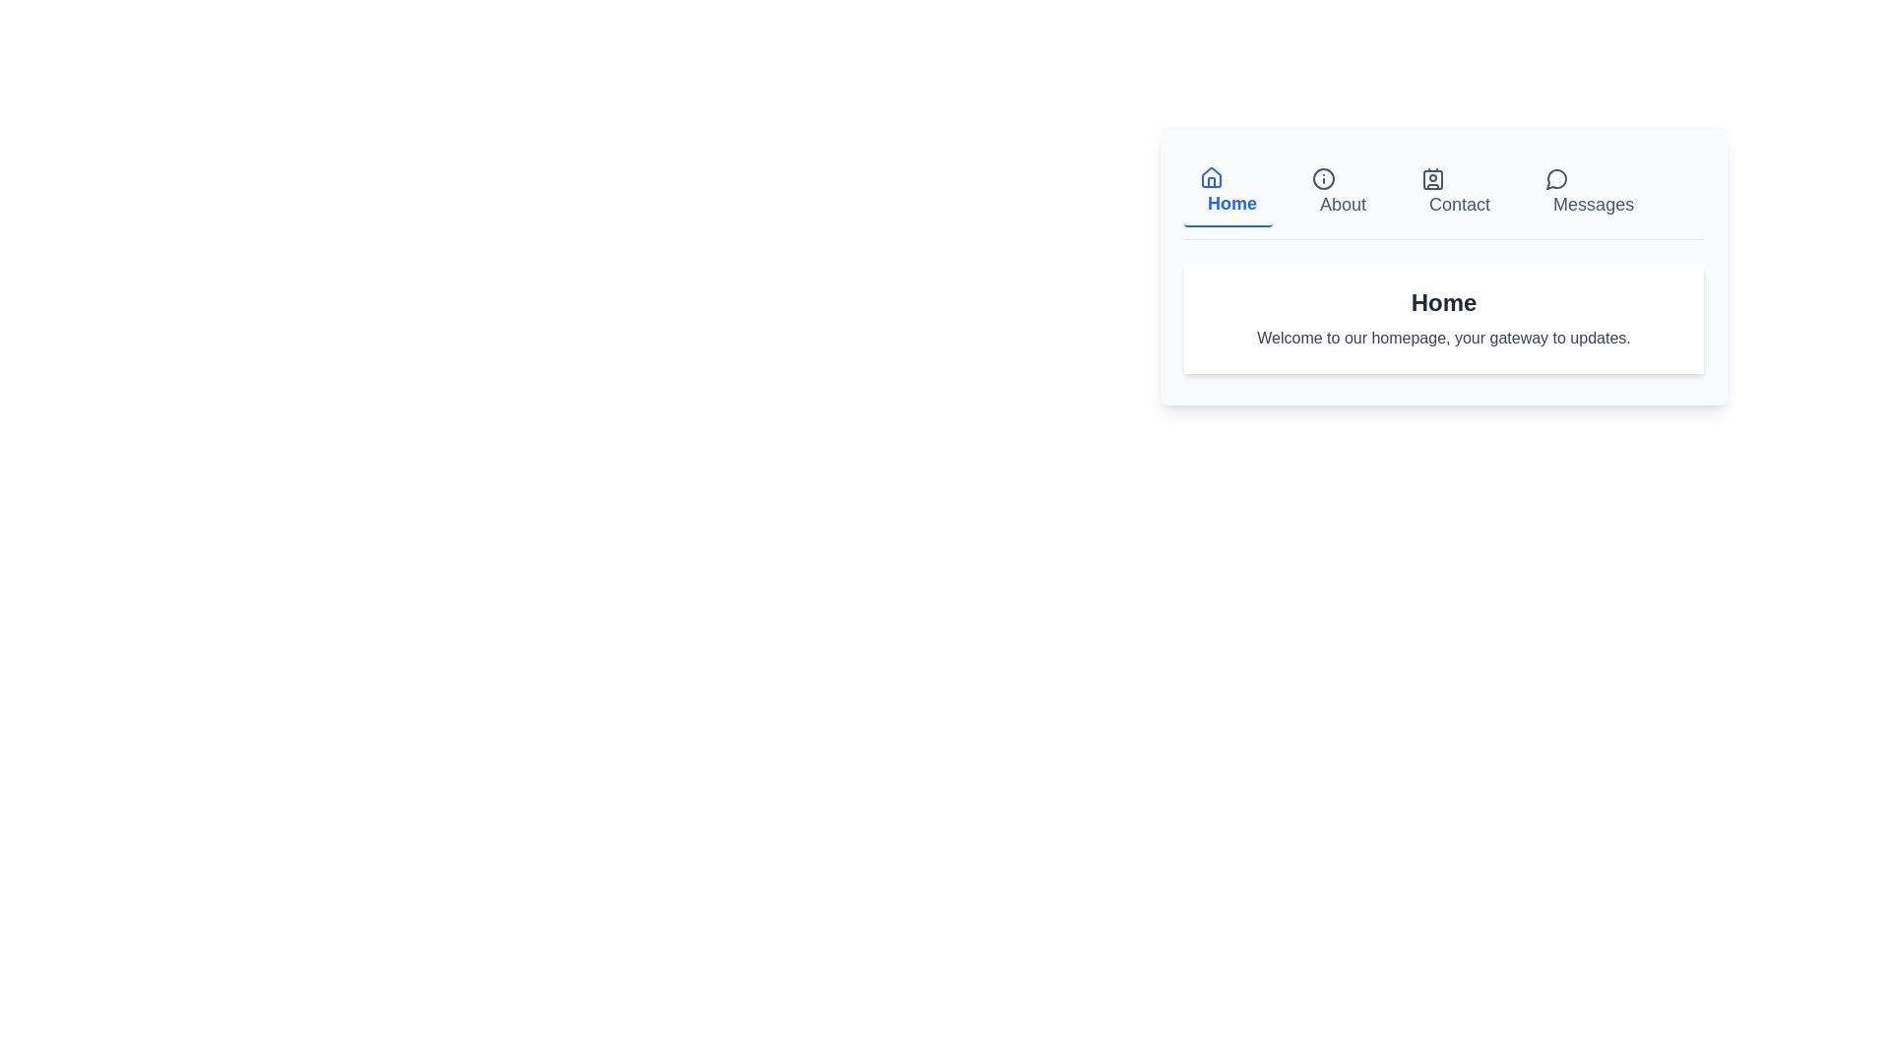  What do you see at coordinates (1338, 193) in the screenshot?
I see `the tab labeled About` at bounding box center [1338, 193].